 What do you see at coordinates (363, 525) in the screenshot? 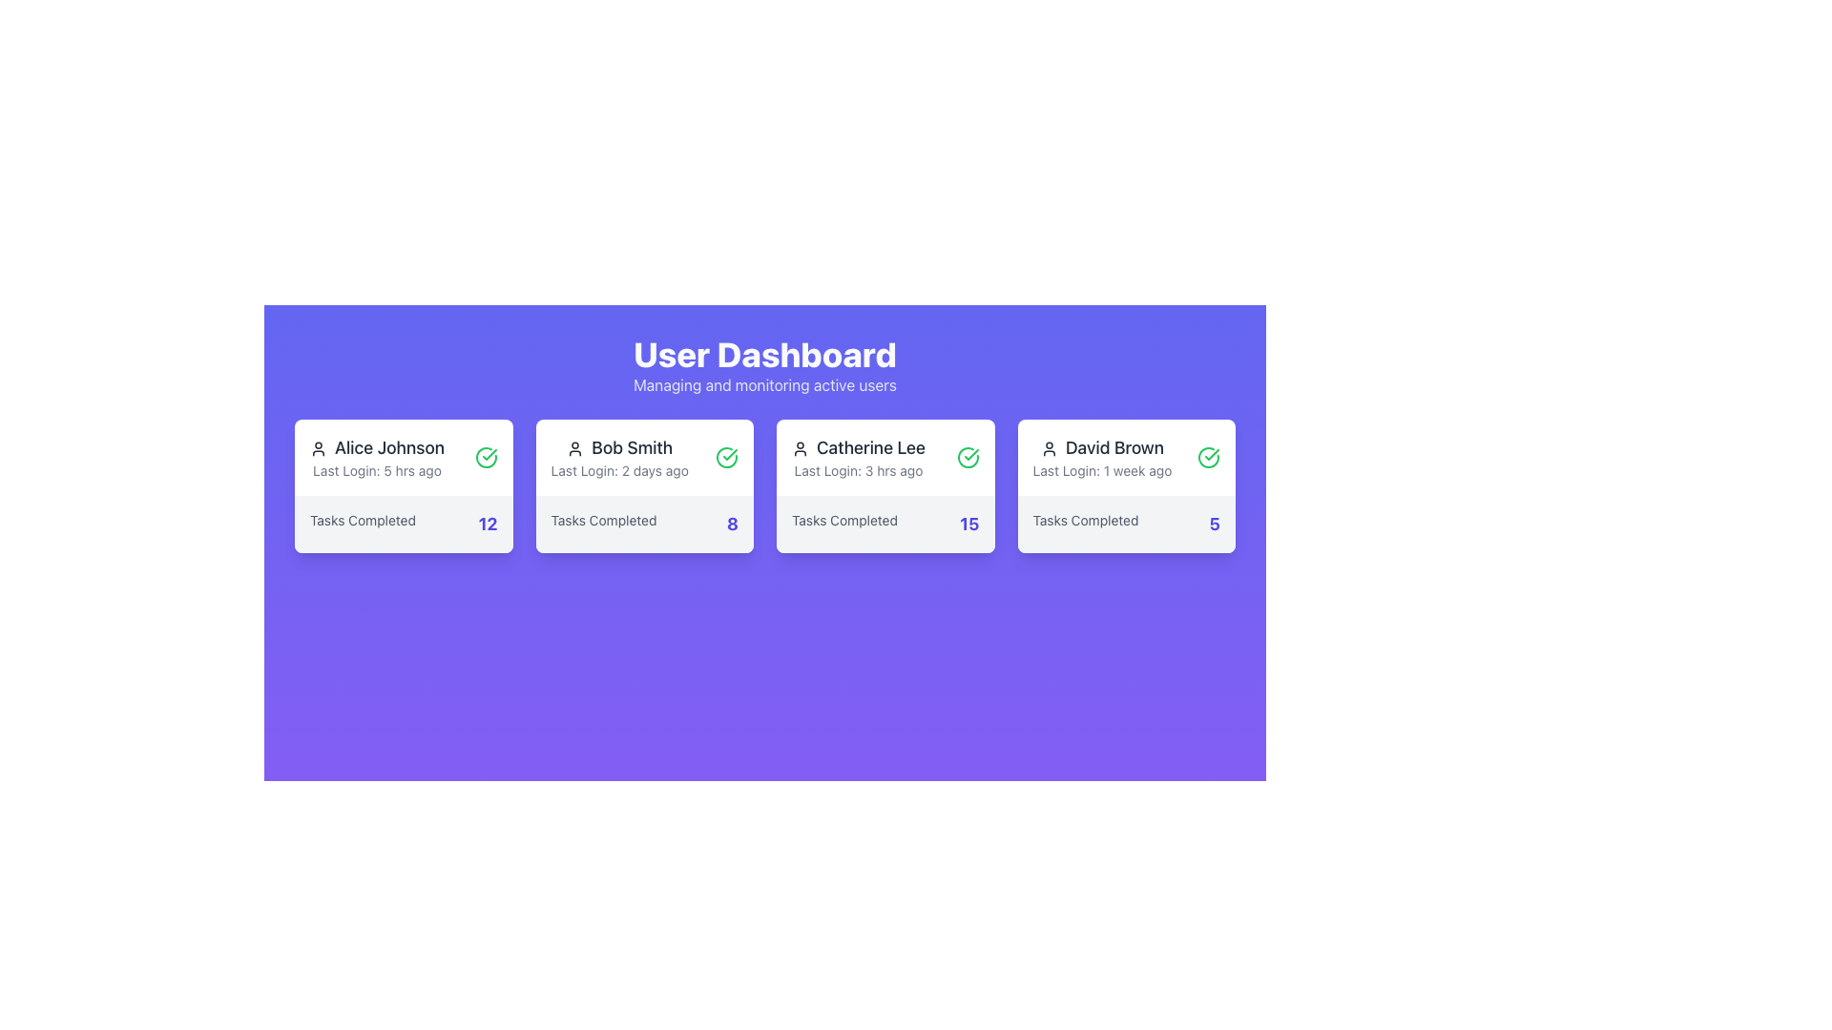
I see `text label that provides context to the number of tasks completed, located in the leftmost user information card in the dashboard interface, centered horizontally near the bottom of the card` at bounding box center [363, 525].